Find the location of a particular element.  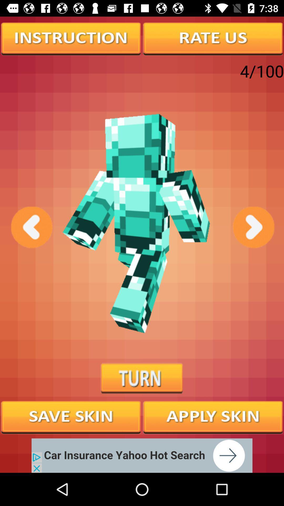

turn button is located at coordinates (142, 378).